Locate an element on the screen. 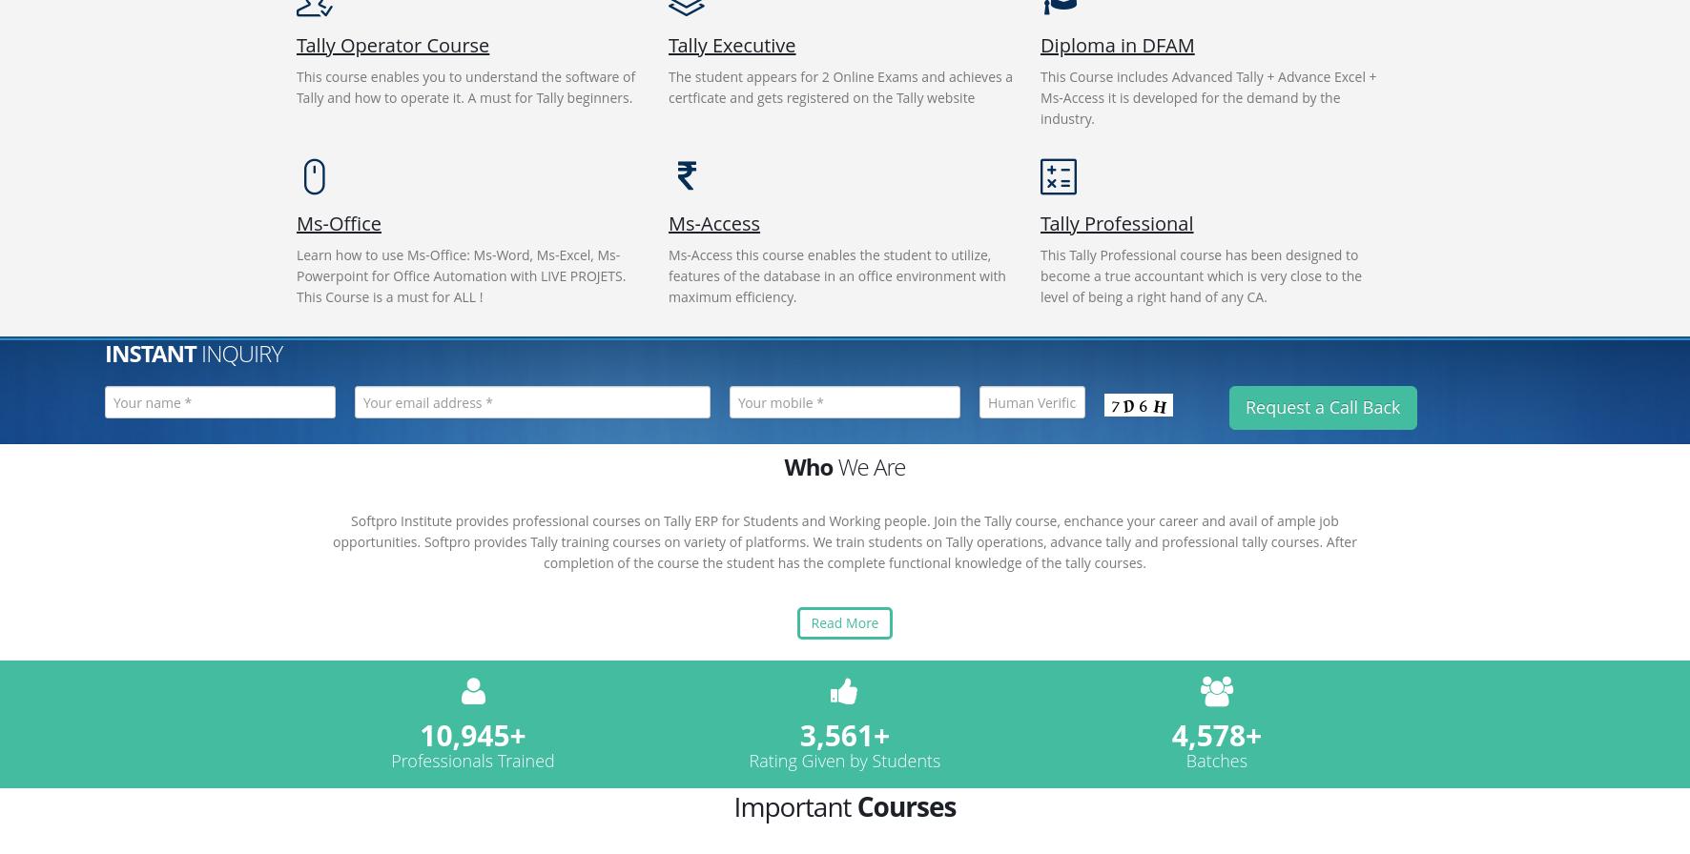  'Read More' is located at coordinates (844, 621).